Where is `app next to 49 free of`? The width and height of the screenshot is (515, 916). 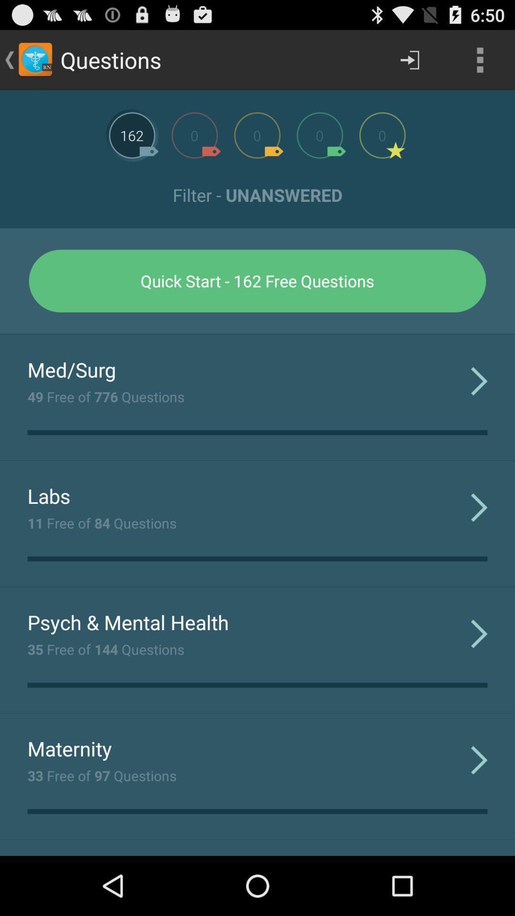
app next to 49 free of is located at coordinates (479, 380).